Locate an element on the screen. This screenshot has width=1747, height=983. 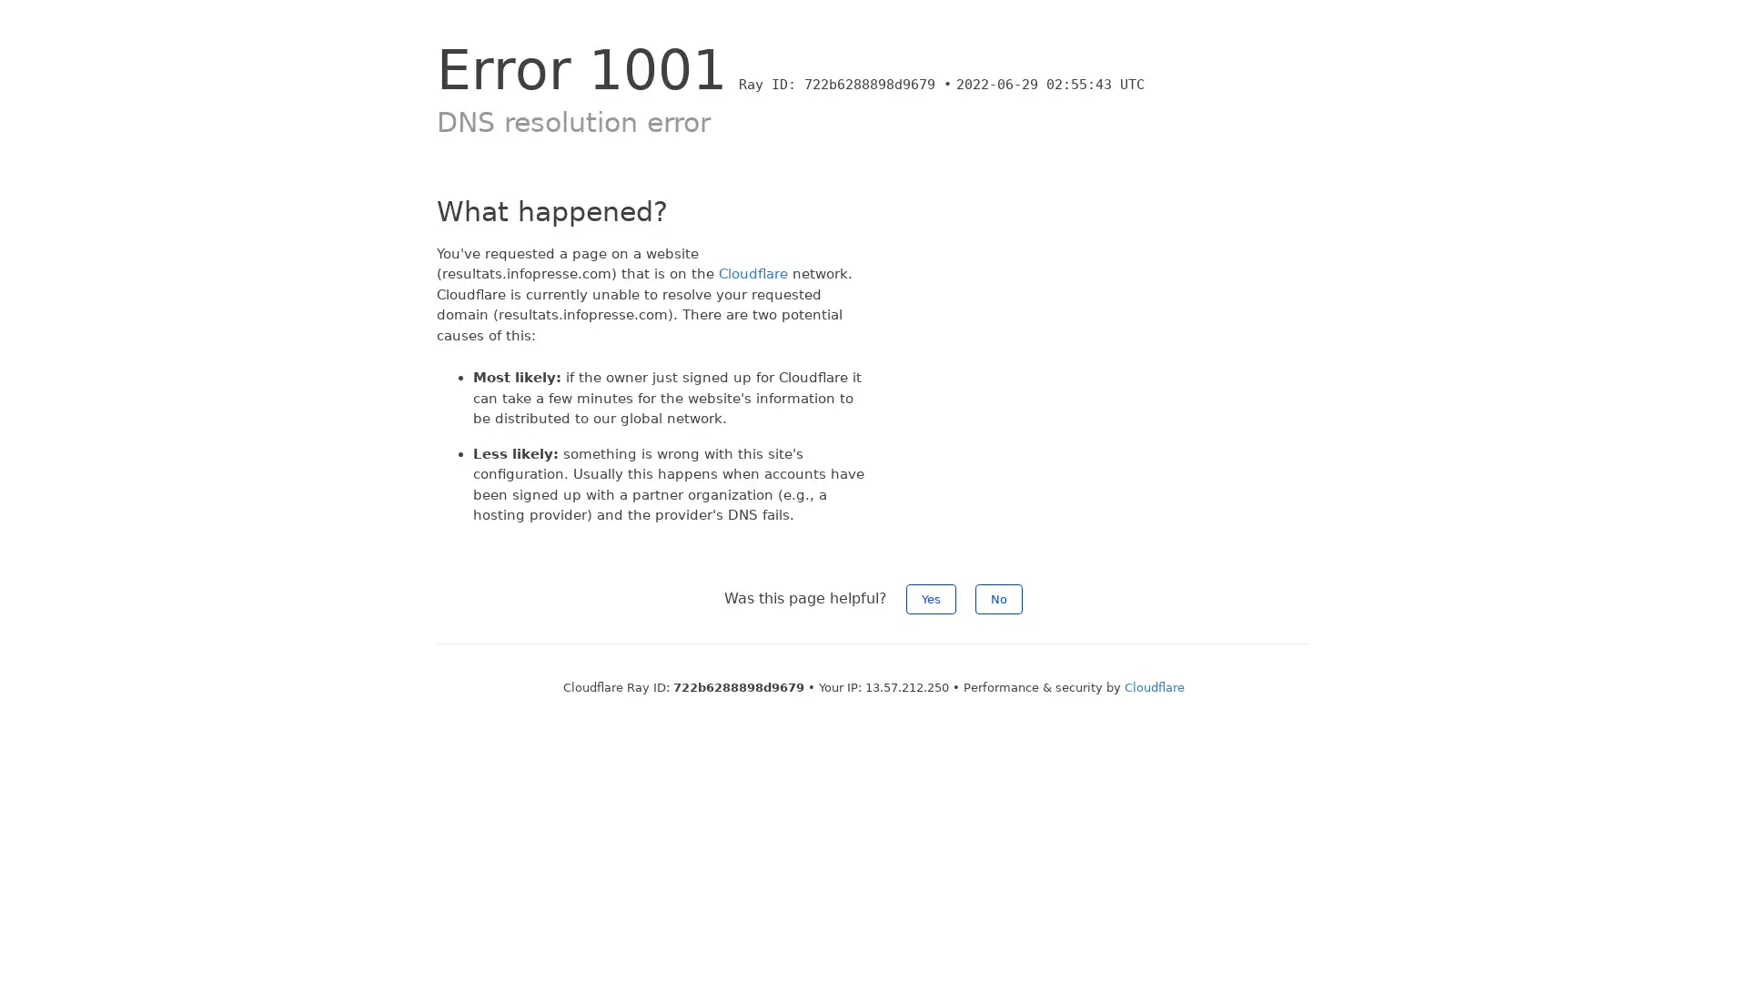
No is located at coordinates (998, 598).